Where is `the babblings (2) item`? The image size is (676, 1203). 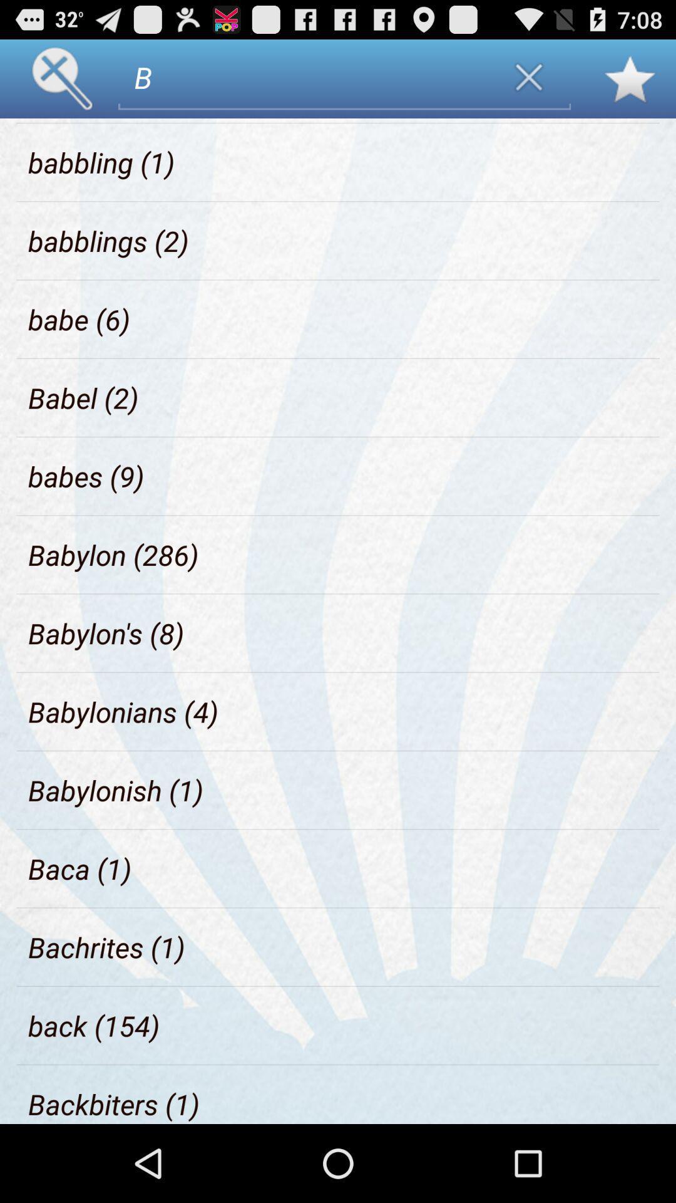
the babblings (2) item is located at coordinates (108, 241).